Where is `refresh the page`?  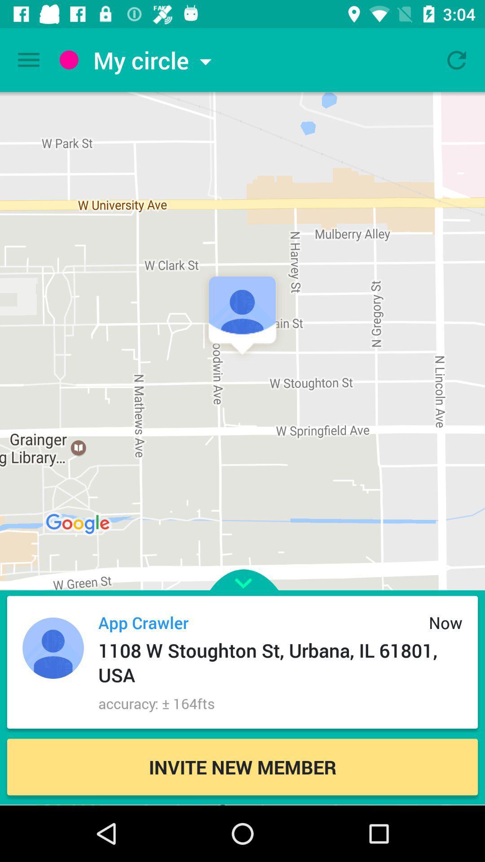 refresh the page is located at coordinates (457, 59).